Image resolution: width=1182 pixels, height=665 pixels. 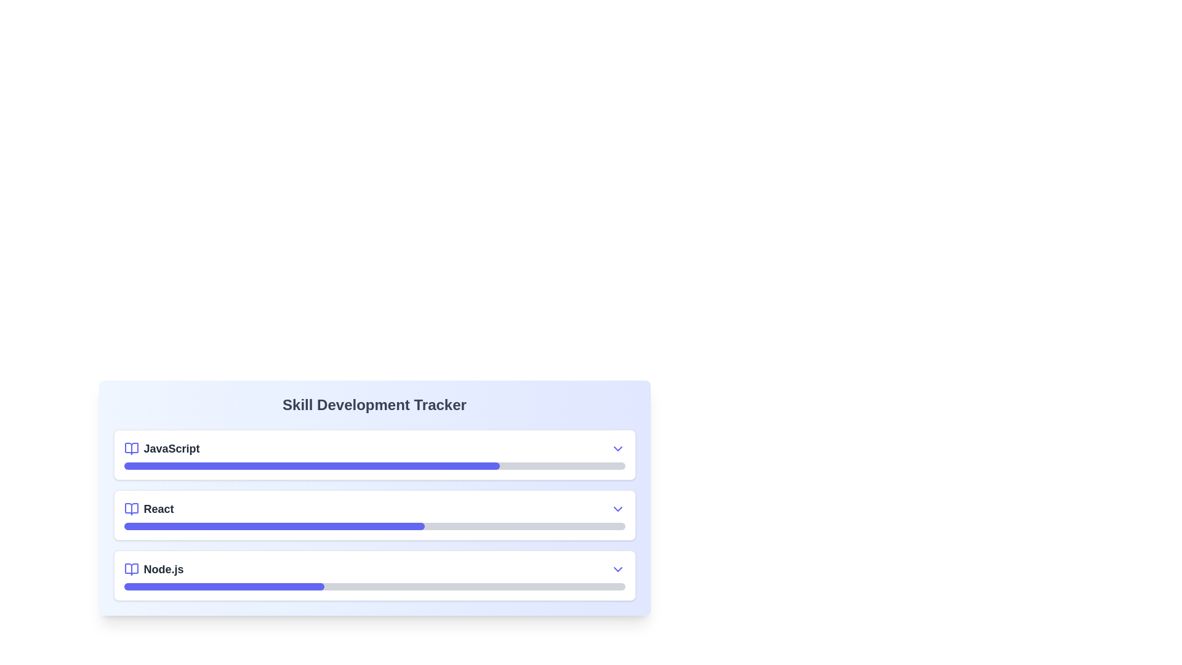 I want to click on text label 'JavaScript' that consists of a blue open book icon and black bold text, positioned as the first item in the skill tracker list, so click(x=161, y=449).